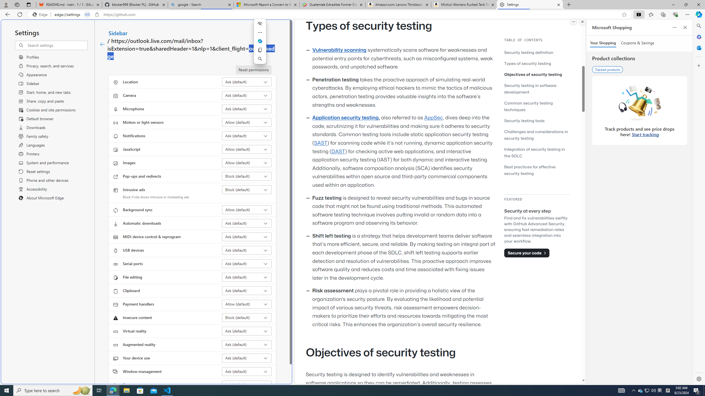 The height and width of the screenshot is (396, 705). Describe the element at coordinates (528, 106) in the screenshot. I see `'Common security testing techniques'` at that location.